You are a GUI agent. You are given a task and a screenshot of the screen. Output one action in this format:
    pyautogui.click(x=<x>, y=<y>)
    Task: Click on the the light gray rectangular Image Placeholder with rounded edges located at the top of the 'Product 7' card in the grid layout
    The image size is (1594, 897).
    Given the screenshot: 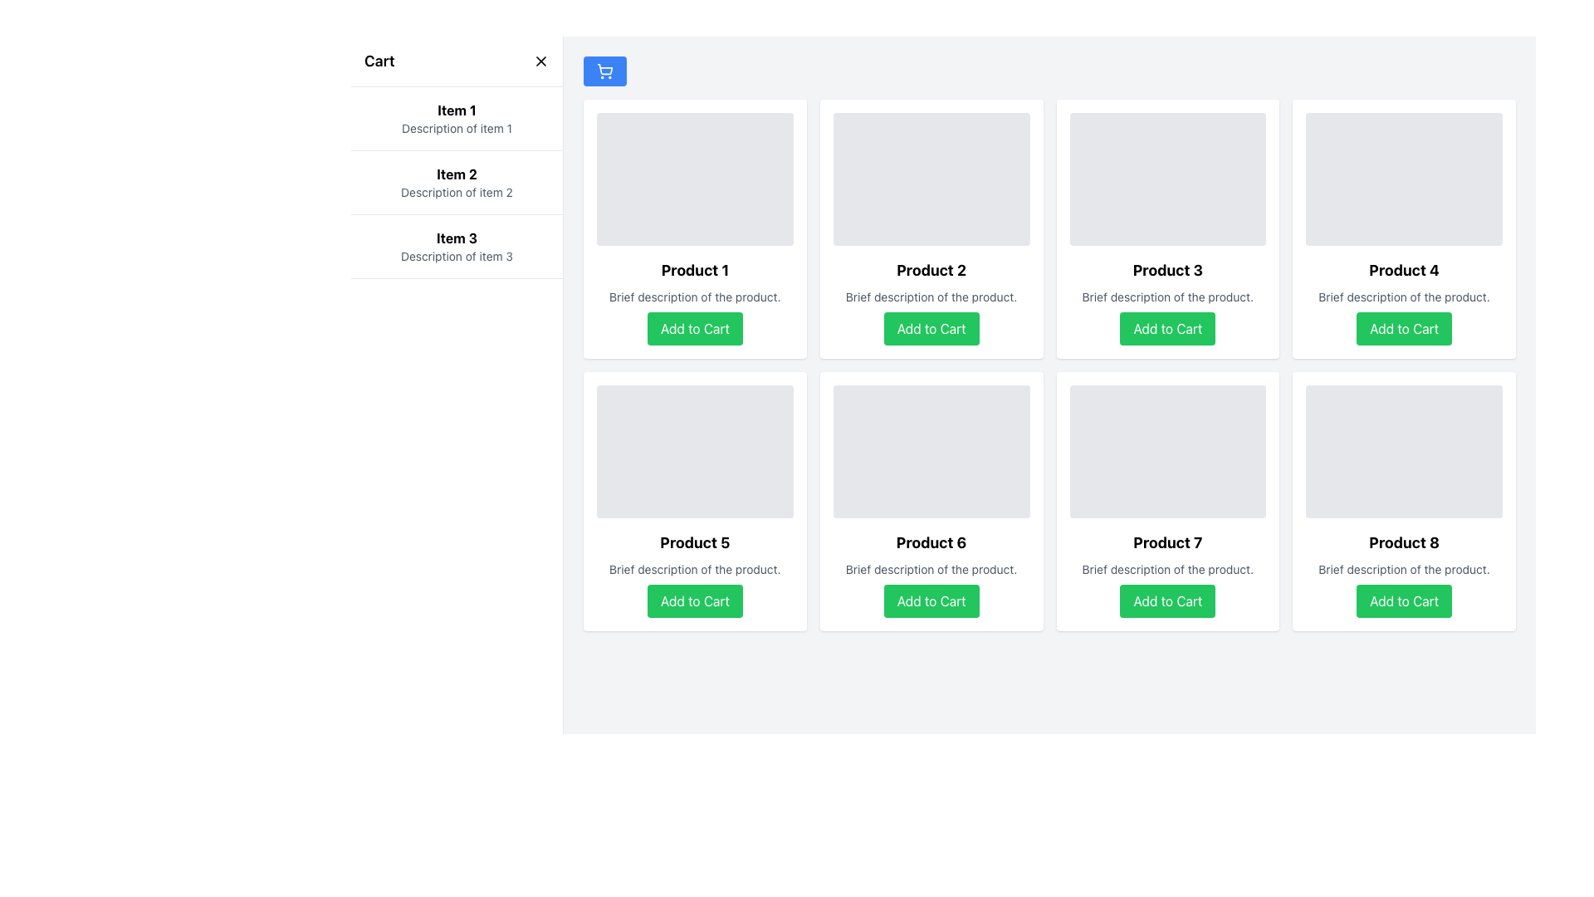 What is the action you would take?
    pyautogui.click(x=1166, y=451)
    